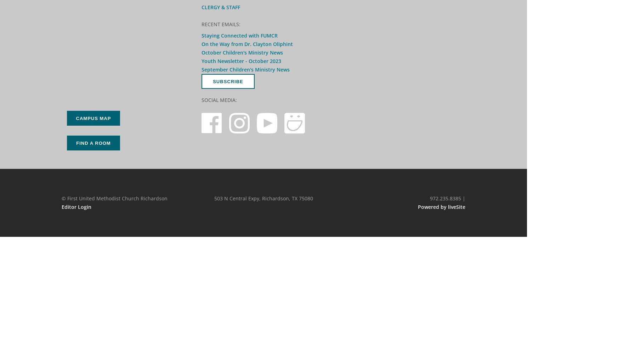  Describe the element at coordinates (219, 100) in the screenshot. I see `'Social Media:'` at that location.